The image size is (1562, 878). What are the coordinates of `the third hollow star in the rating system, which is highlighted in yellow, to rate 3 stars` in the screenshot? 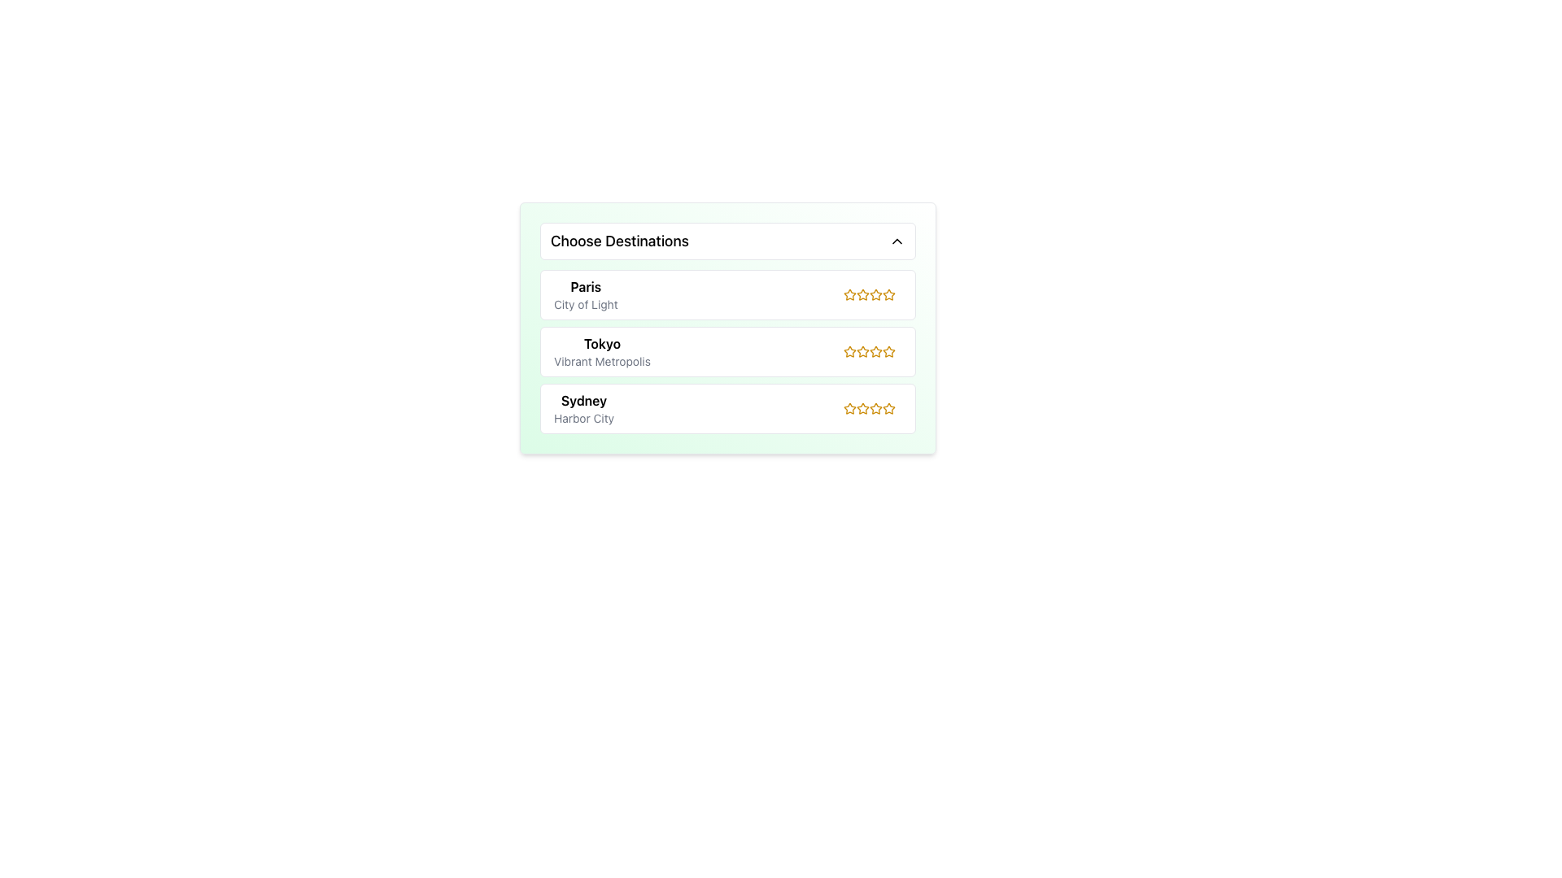 It's located at (872, 407).